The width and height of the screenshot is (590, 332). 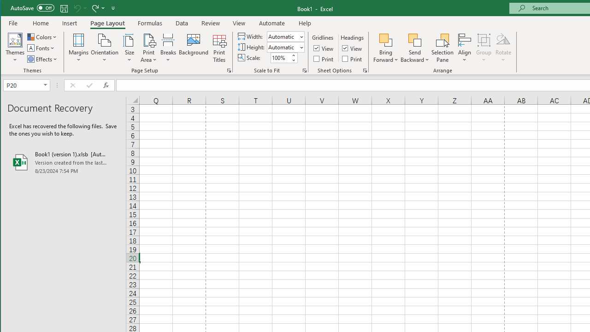 What do you see at coordinates (465, 48) in the screenshot?
I see `'Align'` at bounding box center [465, 48].